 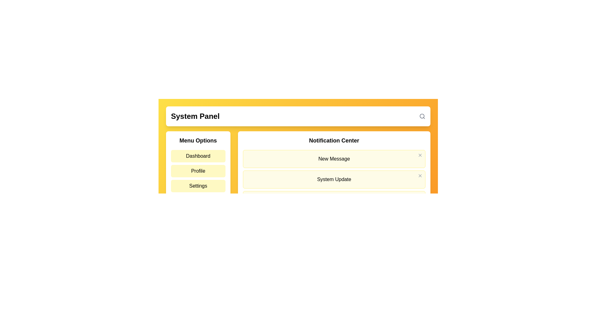 I want to click on the inner circle of the magnifying glass icon located in the top-right corner of the header bar, so click(x=422, y=116).